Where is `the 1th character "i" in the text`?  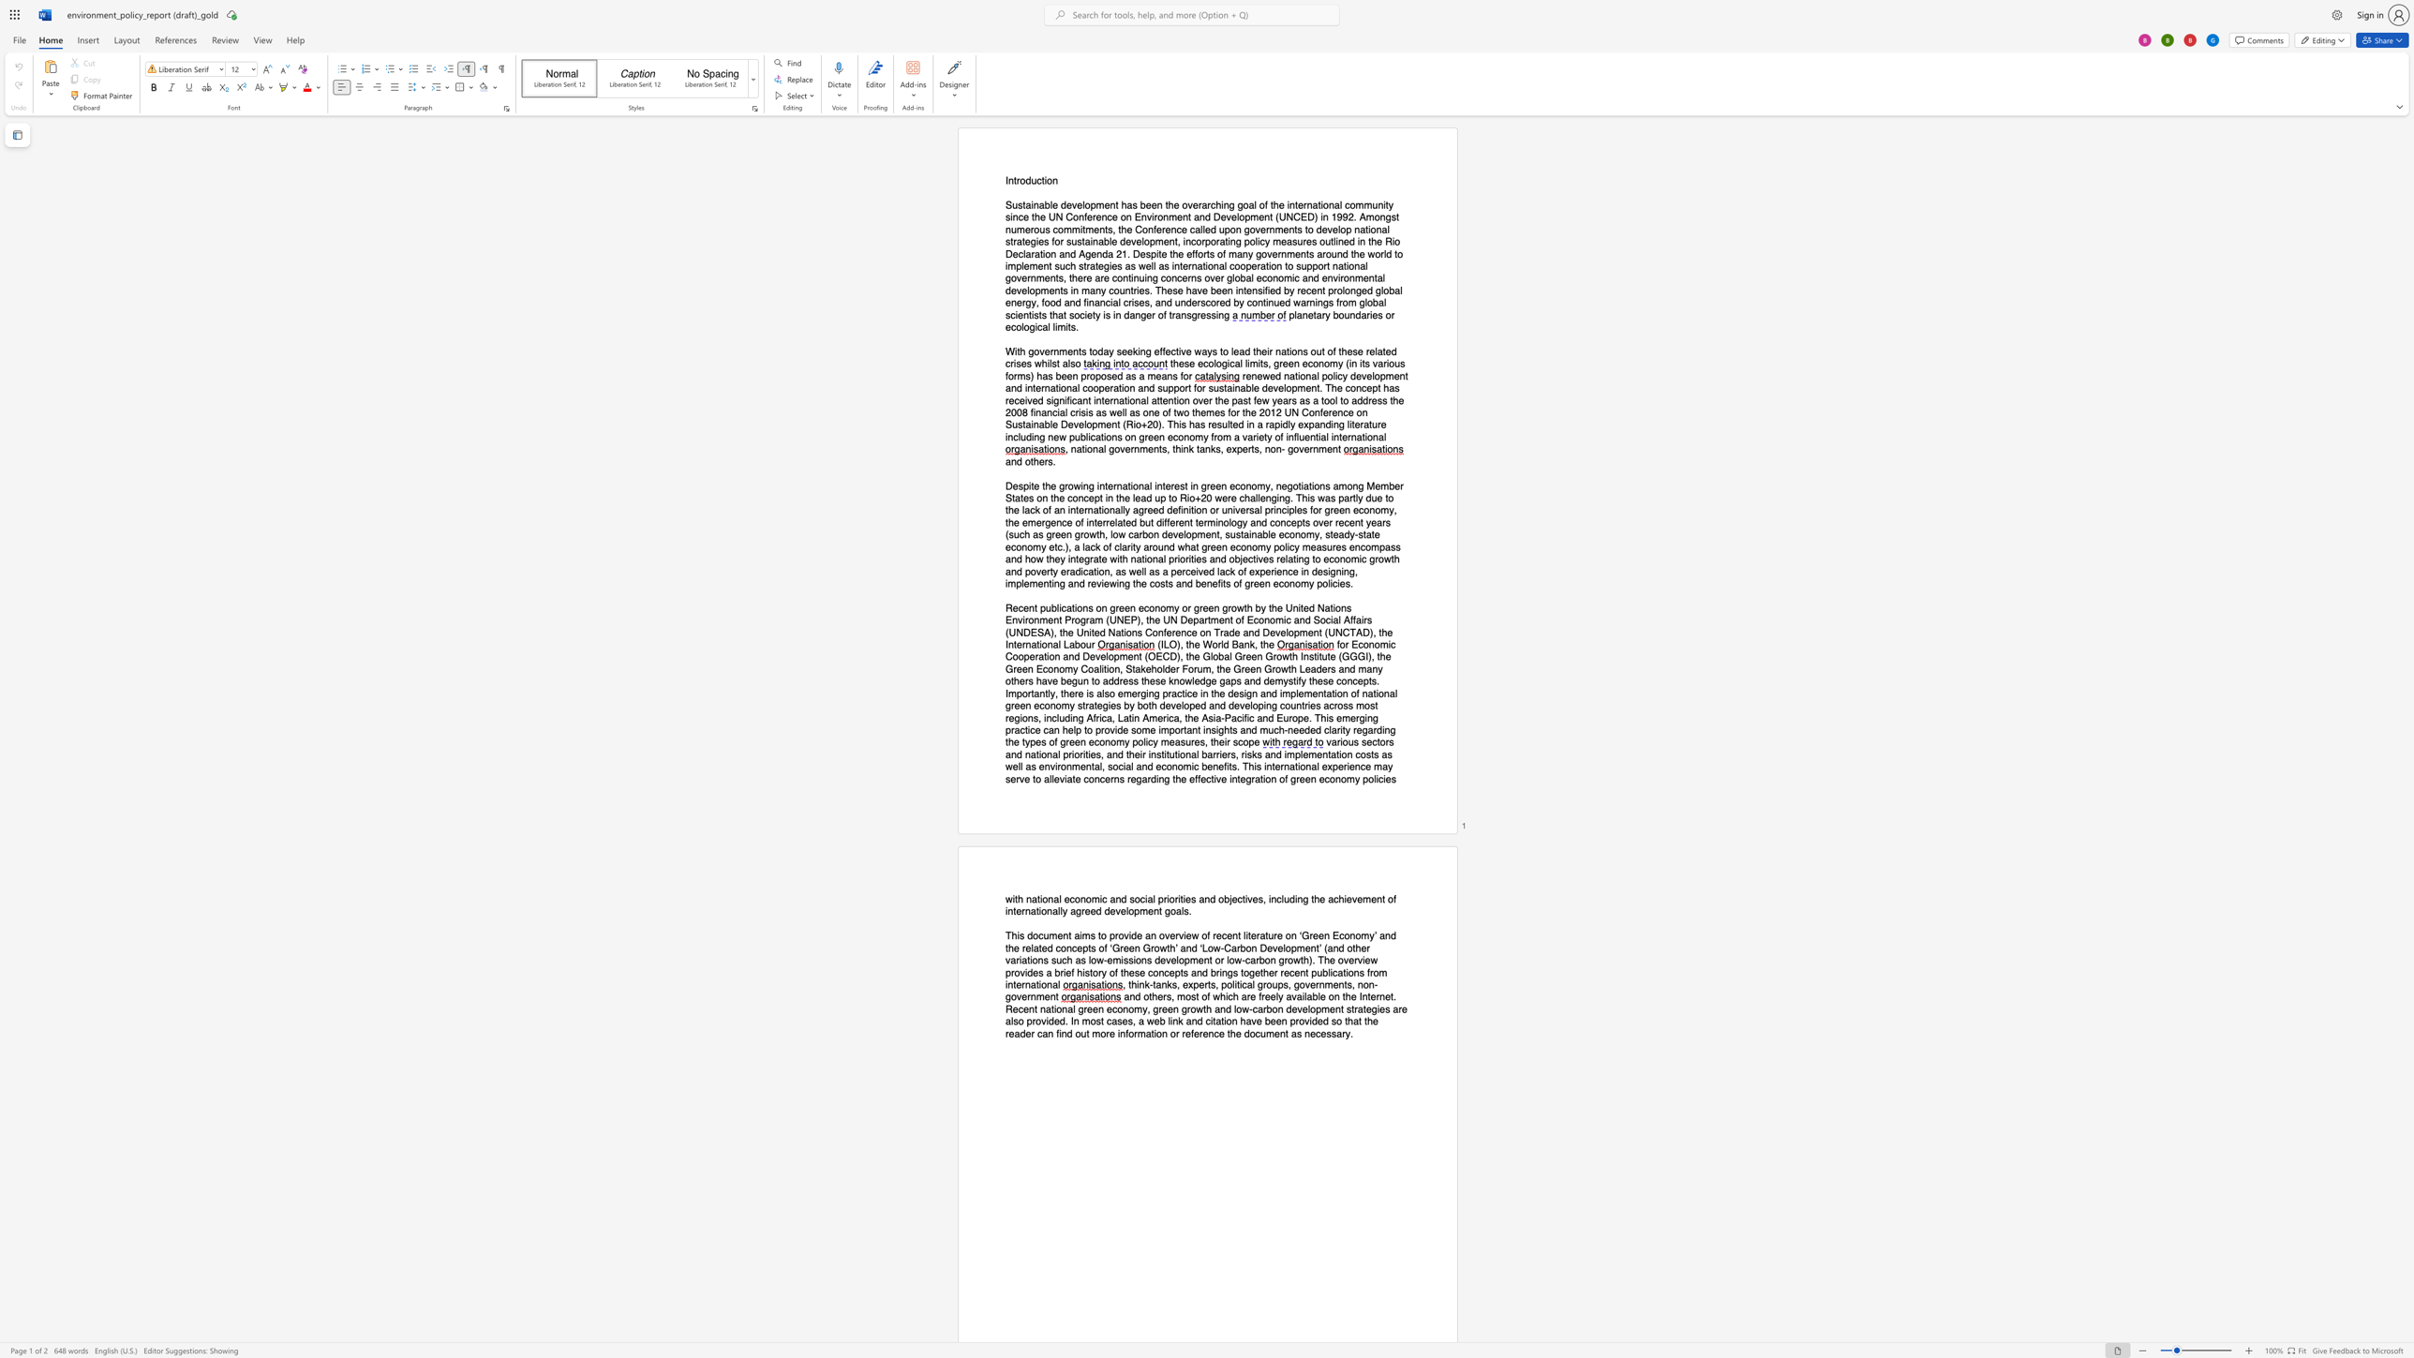
the 1th character "i" in the text is located at coordinates (1045, 180).